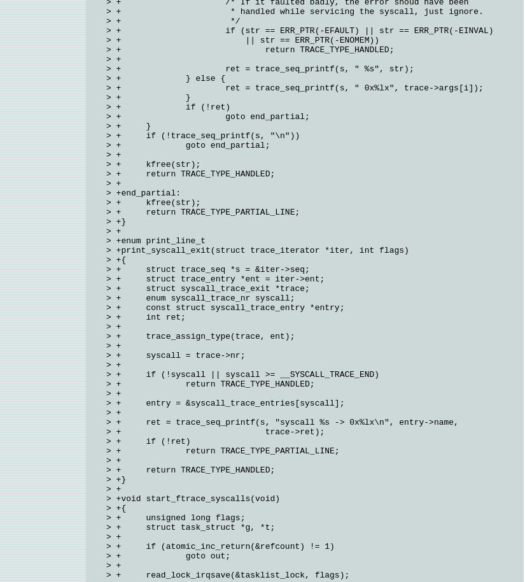  Describe the element at coordinates (221, 450) in the screenshot. I see `'> +		return TRACE_TYPE_PARTIAL_LINE;'` at that location.